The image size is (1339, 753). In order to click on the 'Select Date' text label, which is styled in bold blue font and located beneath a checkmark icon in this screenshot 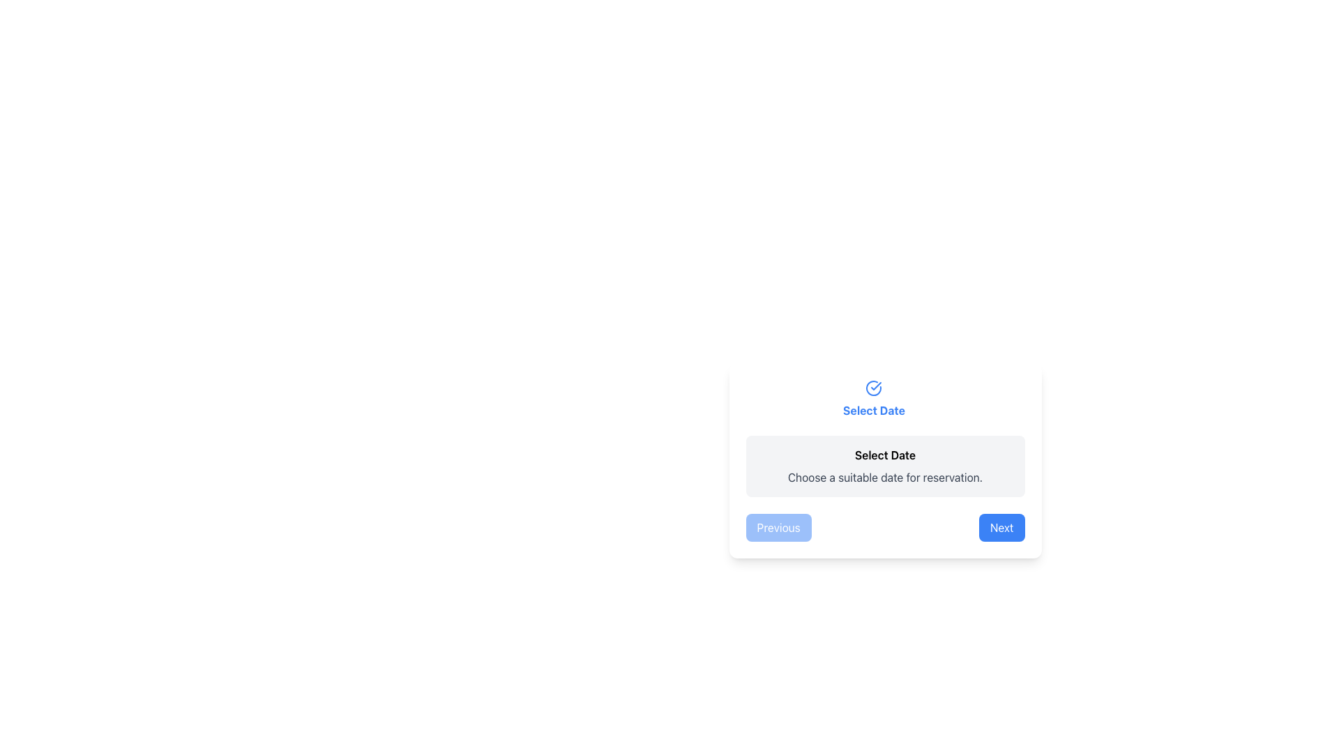, I will do `click(873, 400)`.